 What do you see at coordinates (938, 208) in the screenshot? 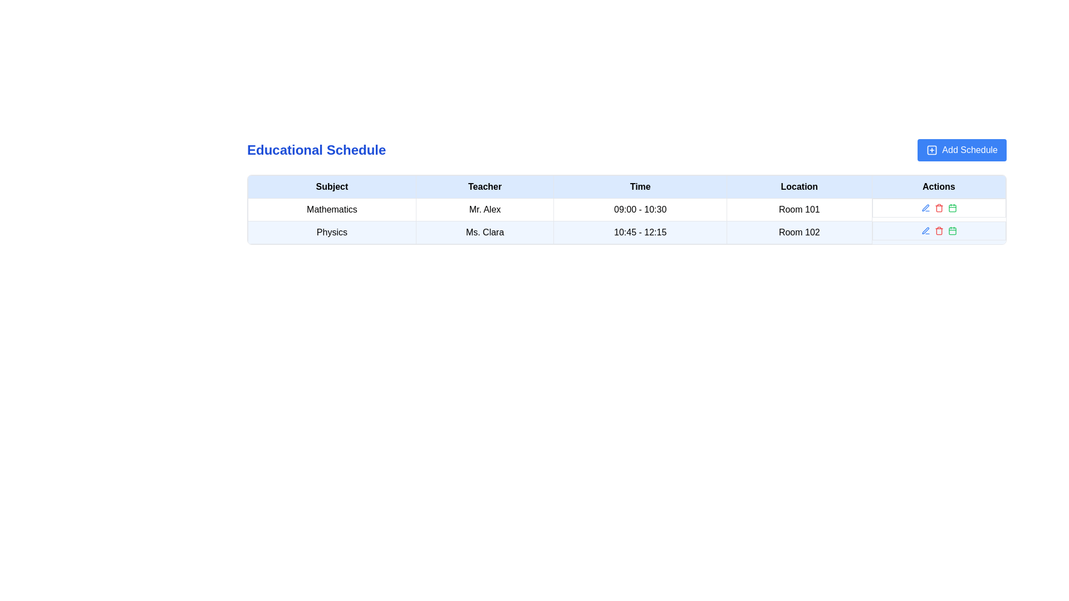
I see `the red trash can icon button in the 'Actions' column of the Mathematics table row to trigger a tooltip or style change` at bounding box center [938, 208].